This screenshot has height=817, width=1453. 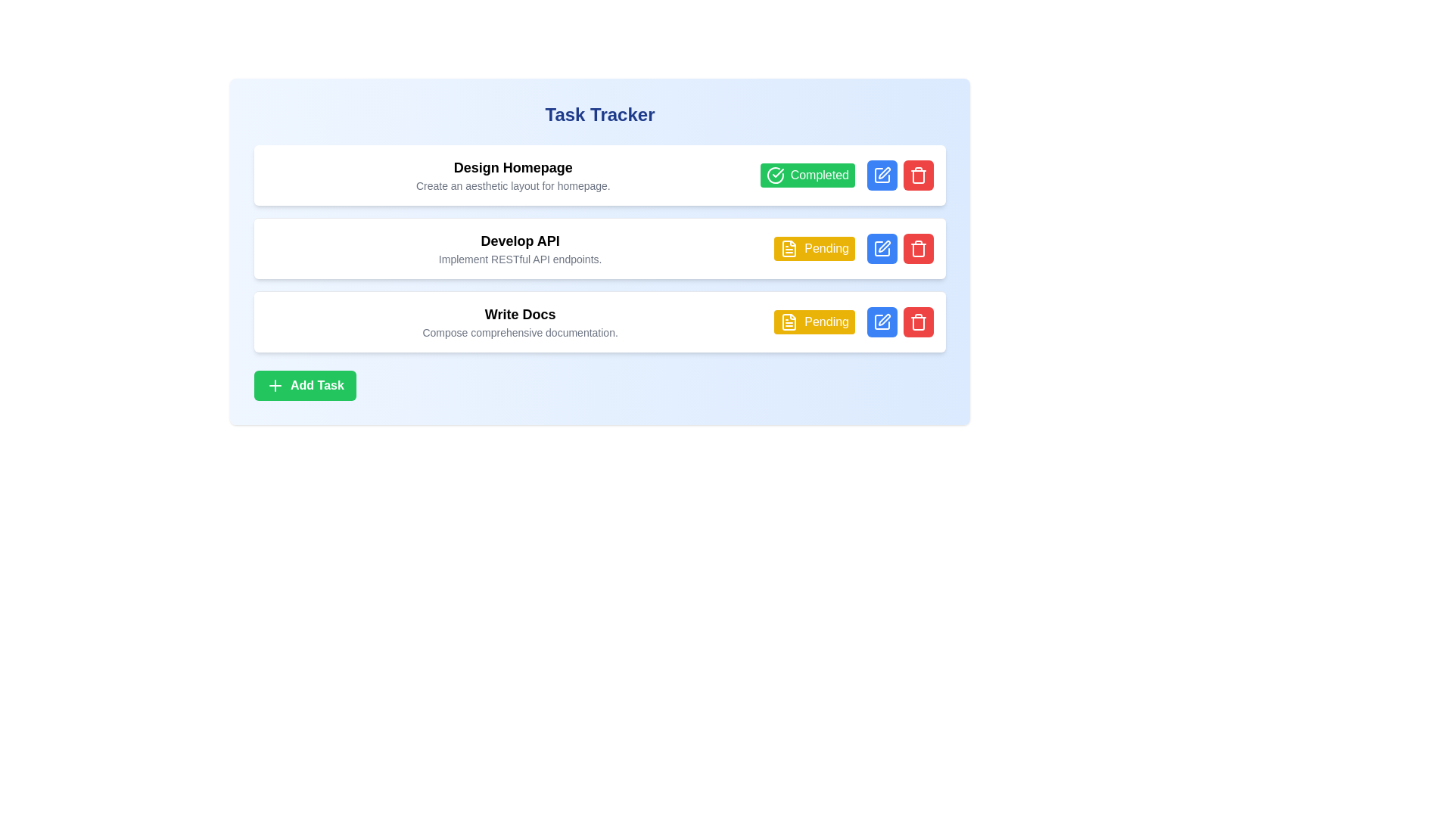 I want to click on the icon representing a file or document related to the 'Pending' status of the task labeled 'Develop API', so click(x=789, y=247).